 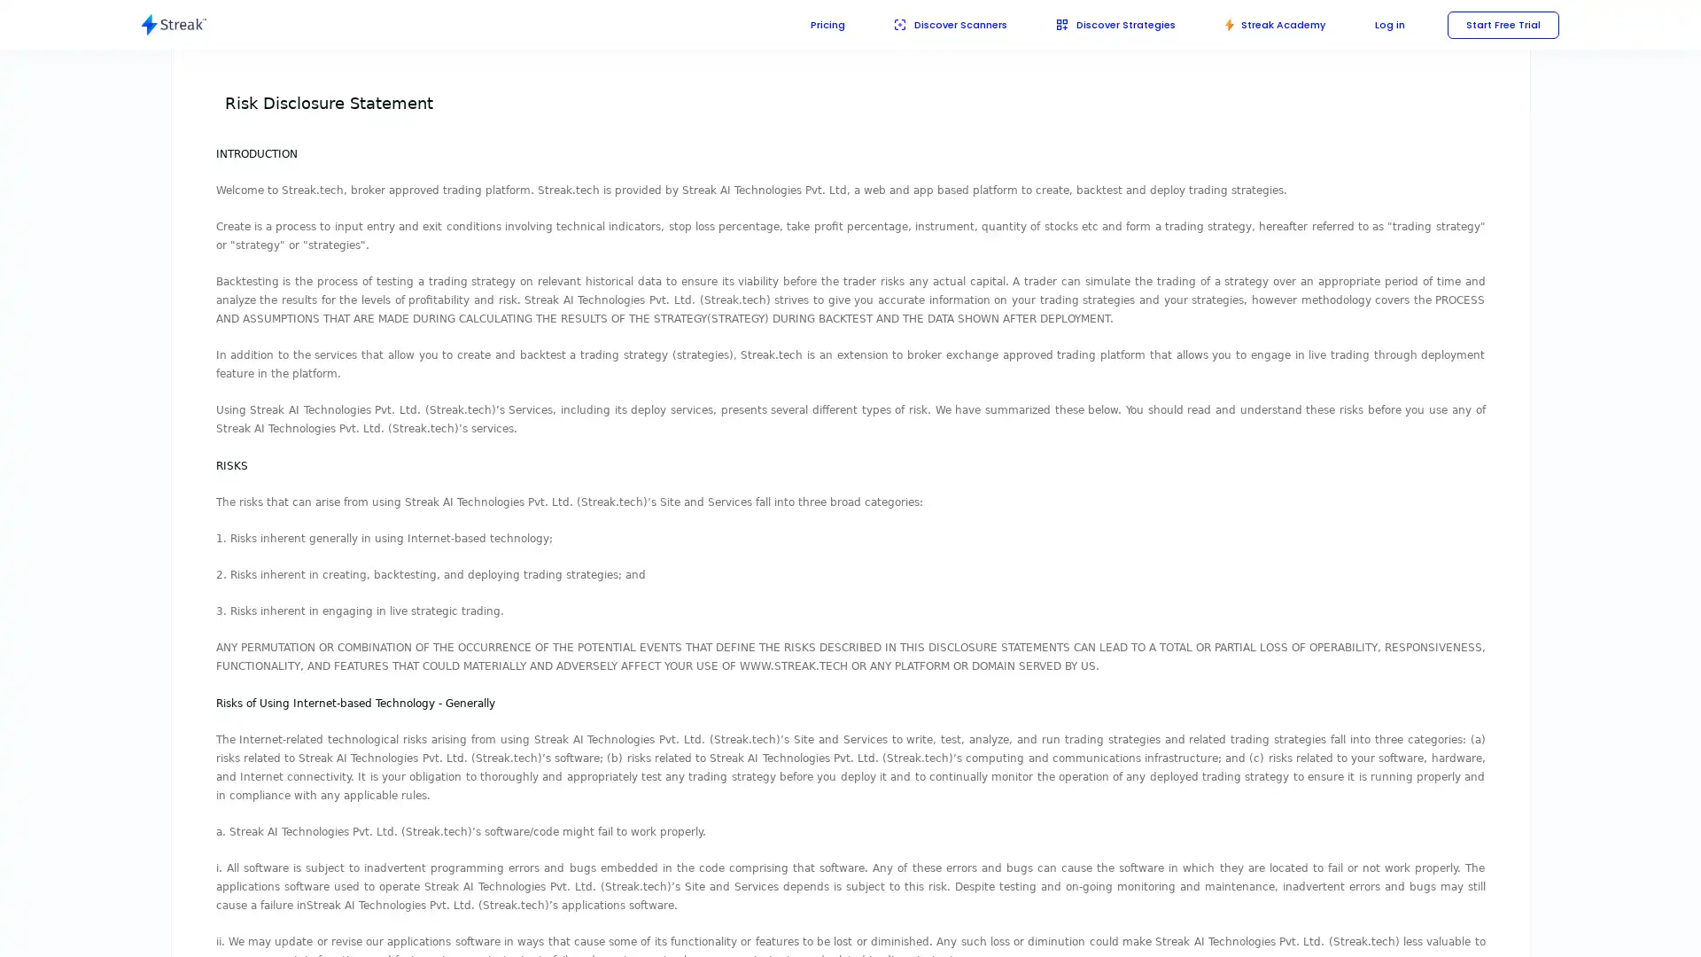 I want to click on academy Streak Academy, so click(x=1266, y=24).